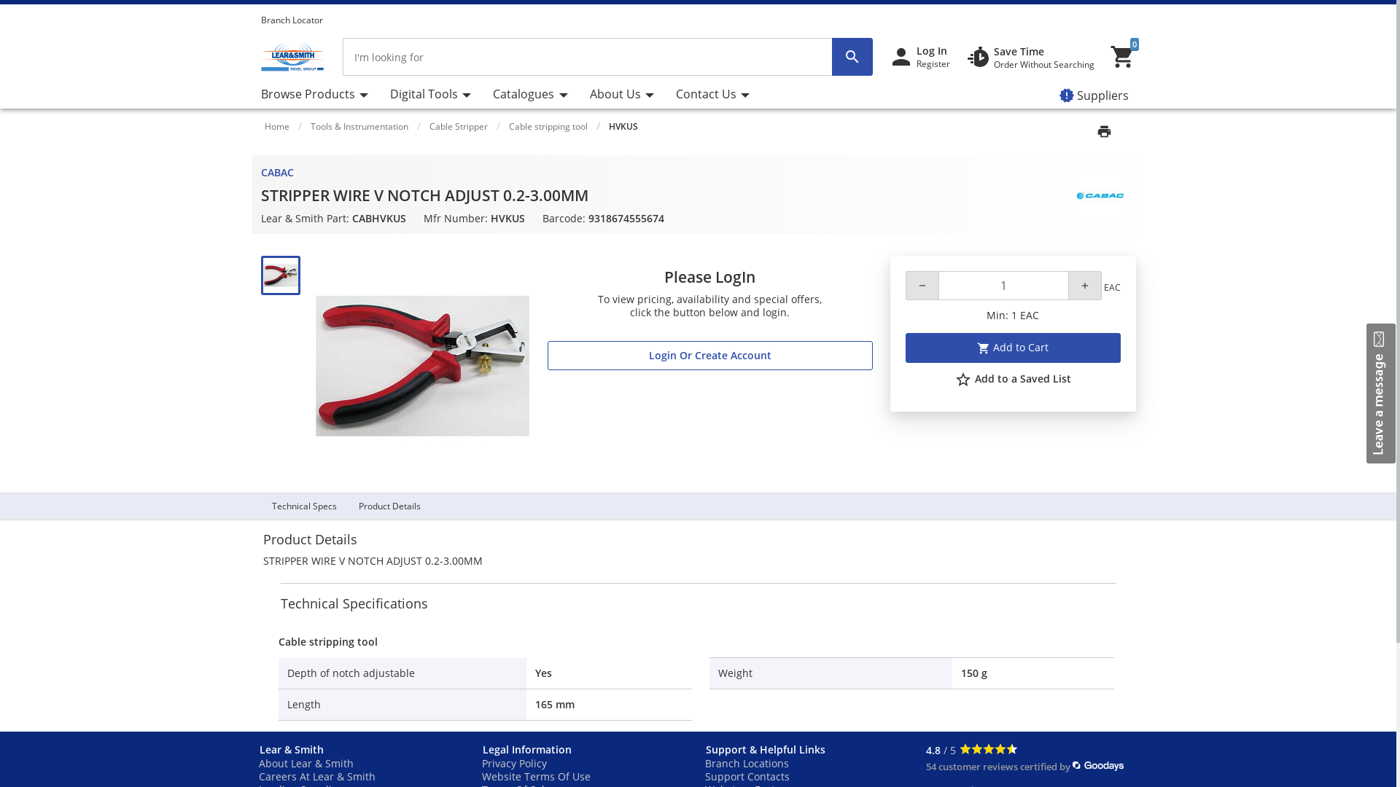  Describe the element at coordinates (277, 171) in the screenshot. I see `'CABAC'` at that location.